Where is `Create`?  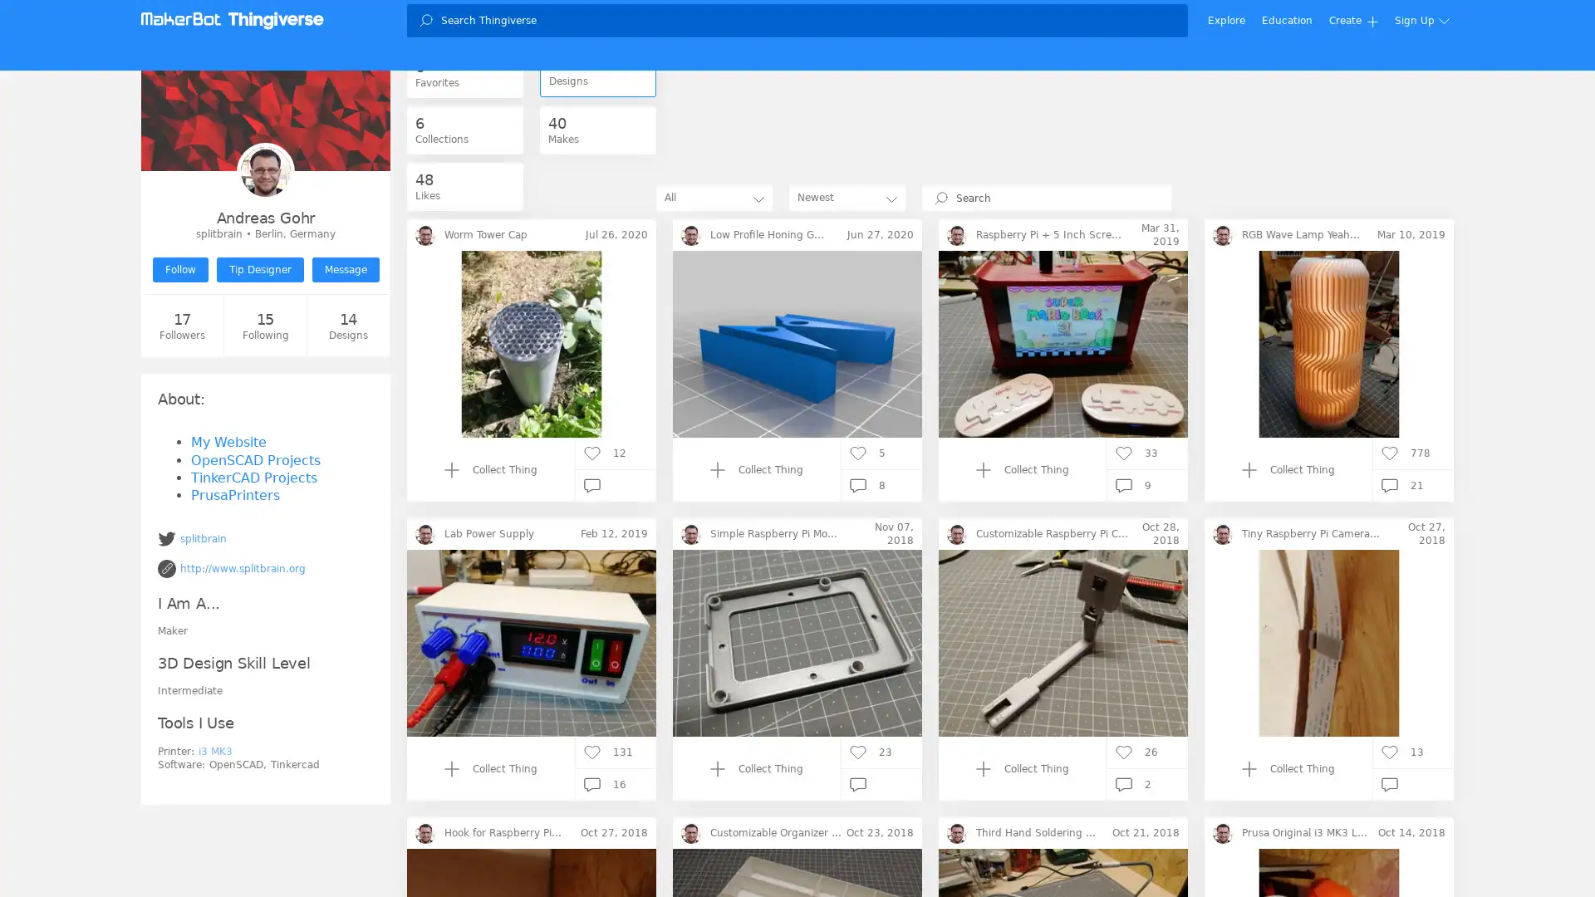 Create is located at coordinates (1353, 20).